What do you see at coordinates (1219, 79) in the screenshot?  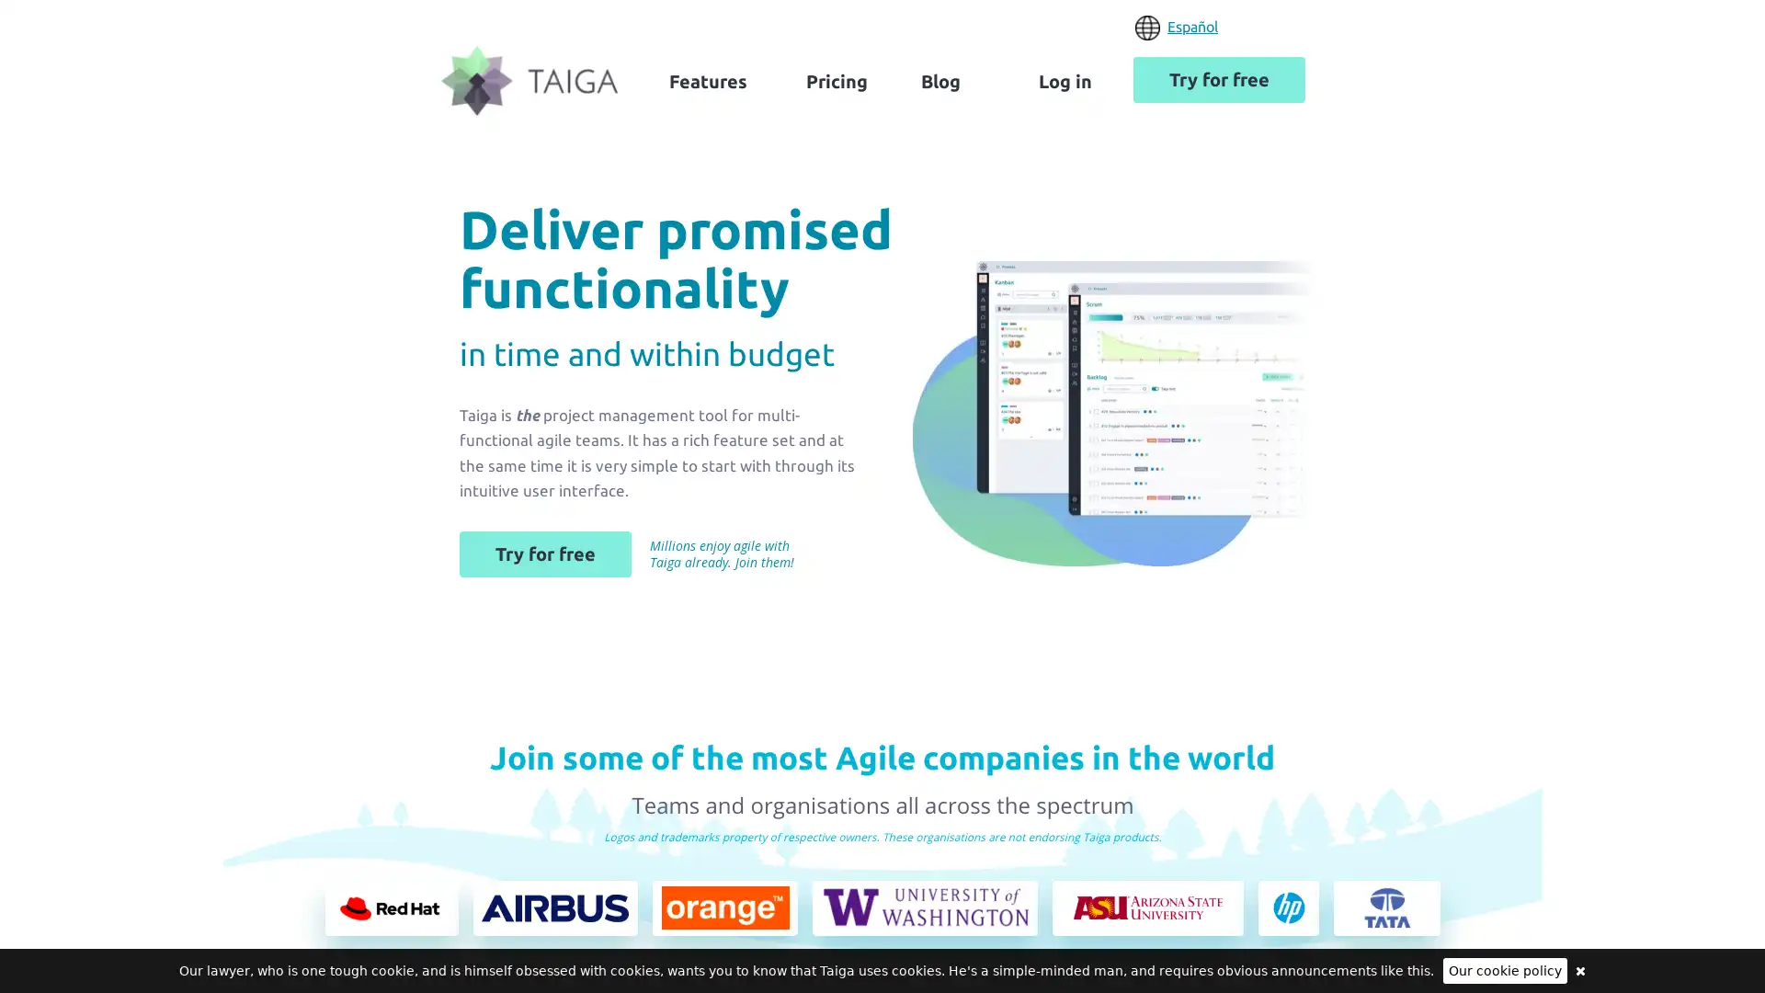 I see `Try for free` at bounding box center [1219, 79].